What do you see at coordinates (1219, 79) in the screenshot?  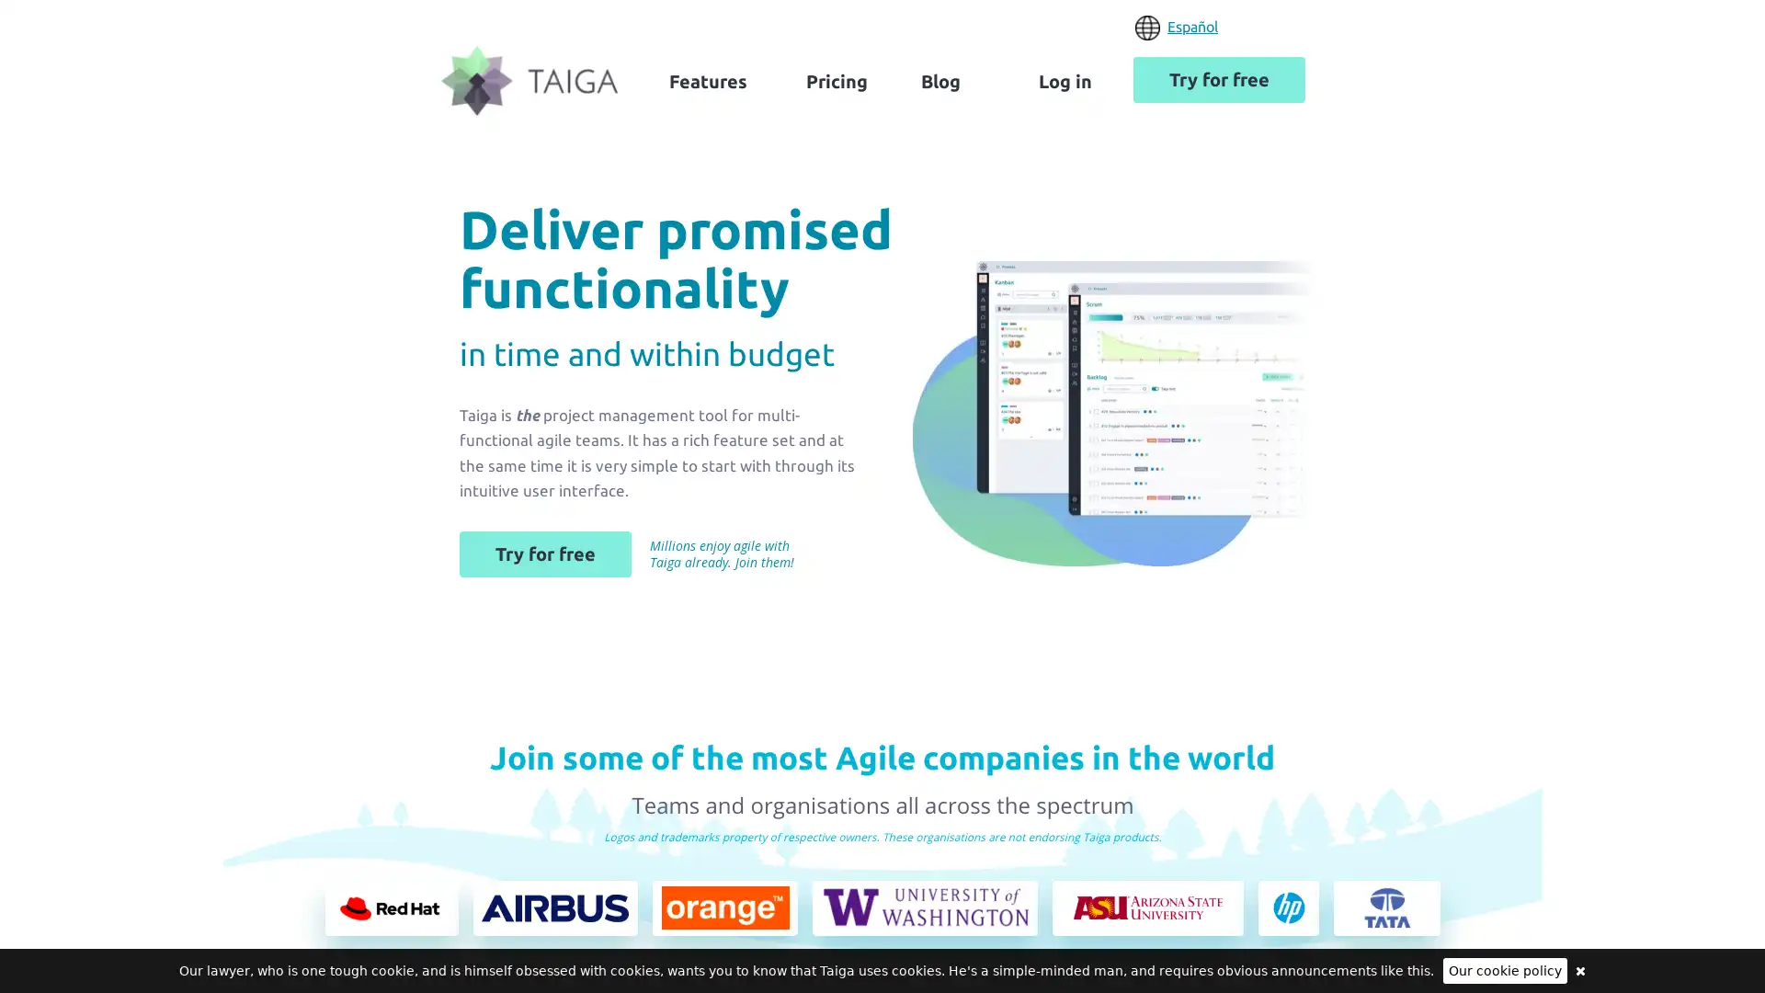 I see `Try for free` at bounding box center [1219, 79].